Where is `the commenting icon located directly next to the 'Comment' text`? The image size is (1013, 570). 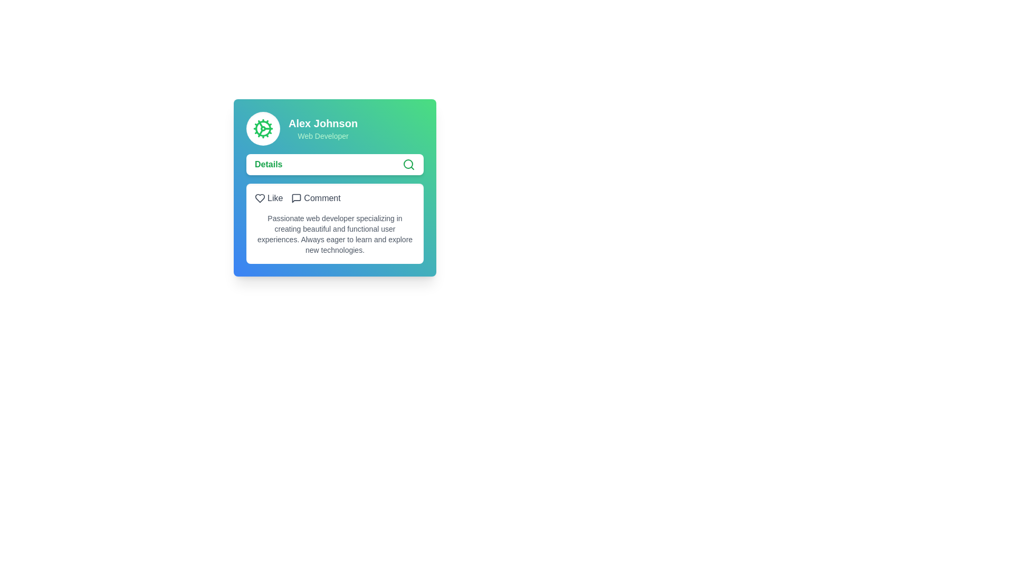
the commenting icon located directly next to the 'Comment' text is located at coordinates (296, 198).